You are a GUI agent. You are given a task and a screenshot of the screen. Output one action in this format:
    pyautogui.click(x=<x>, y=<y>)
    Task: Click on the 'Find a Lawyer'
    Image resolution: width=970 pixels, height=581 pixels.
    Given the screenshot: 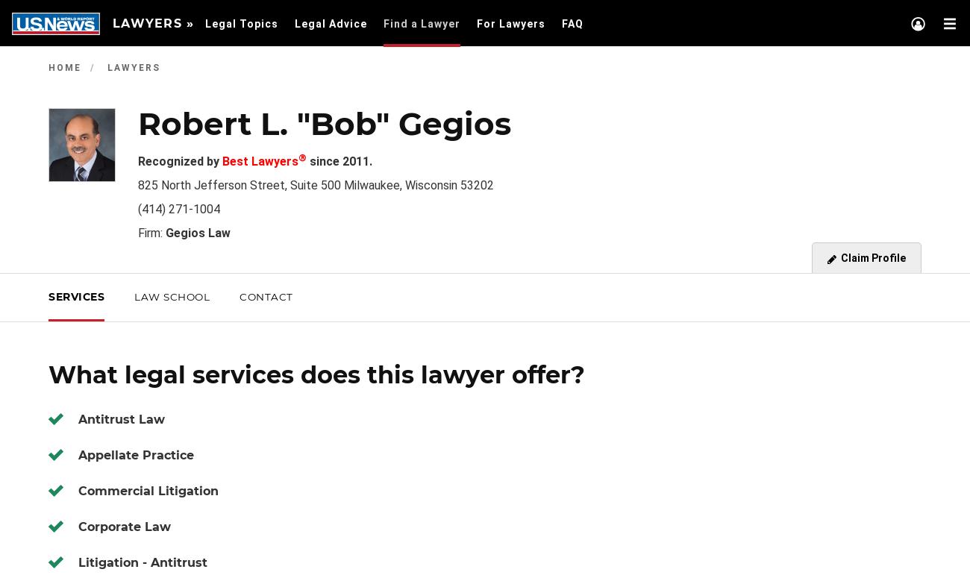 What is the action you would take?
    pyautogui.click(x=421, y=24)
    